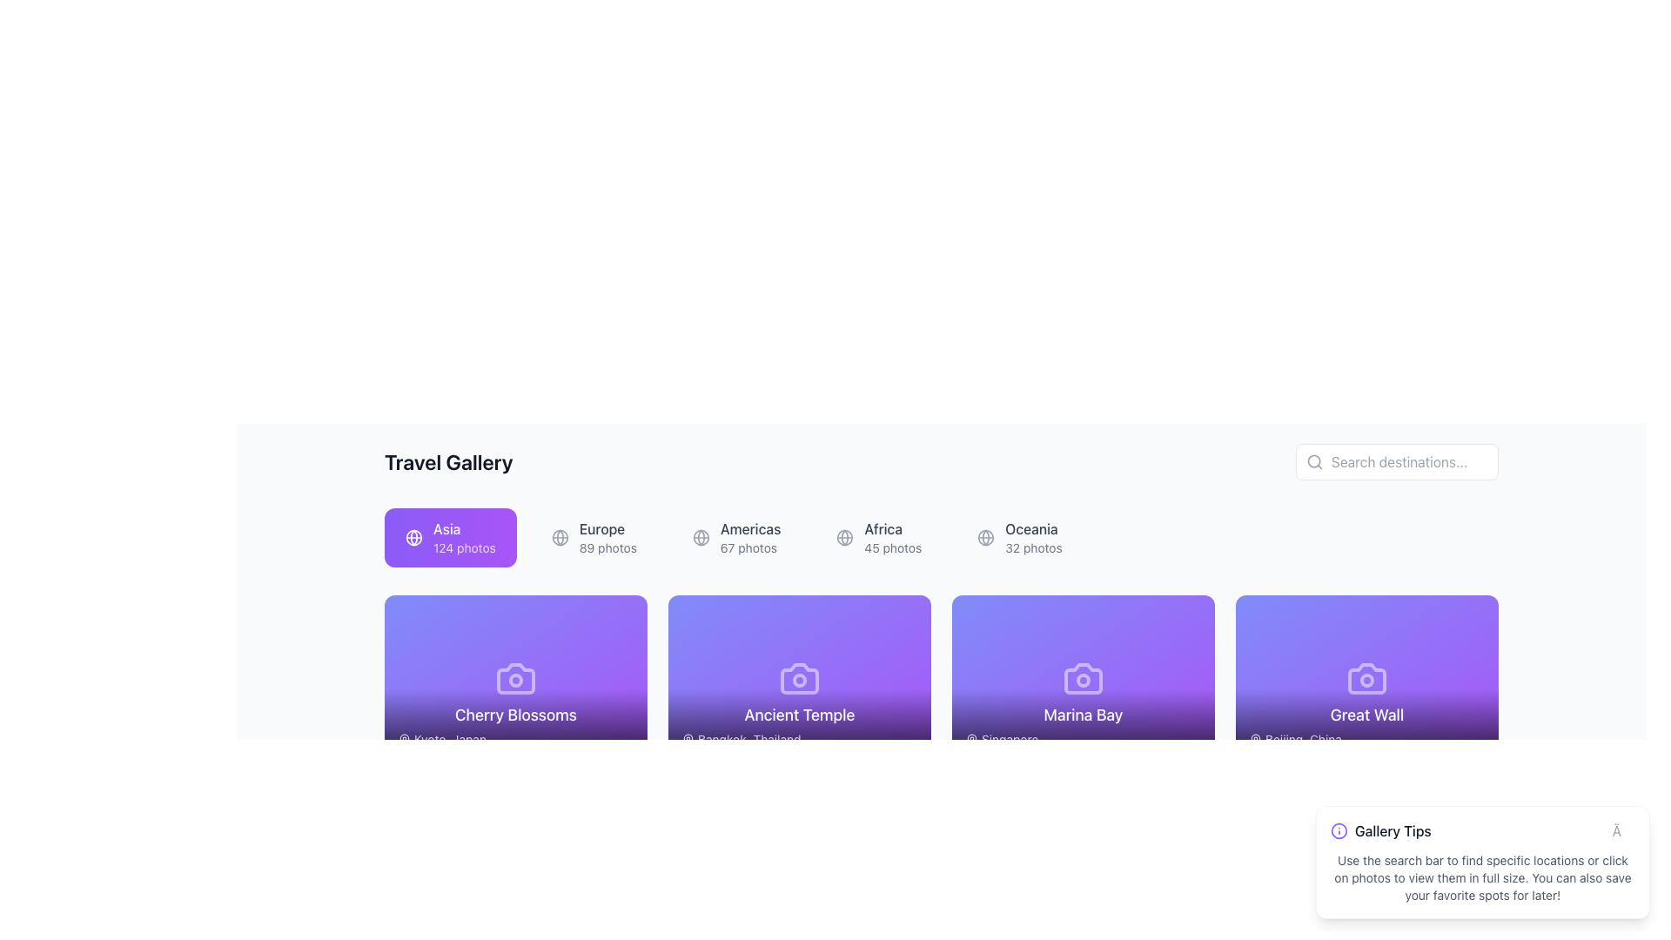 The height and width of the screenshot is (940, 1671). Describe the element at coordinates (607, 547) in the screenshot. I see `text display indicating the number of photos associated with the 'Europe' category, located below the 'Europe' label in the navigation section` at that location.